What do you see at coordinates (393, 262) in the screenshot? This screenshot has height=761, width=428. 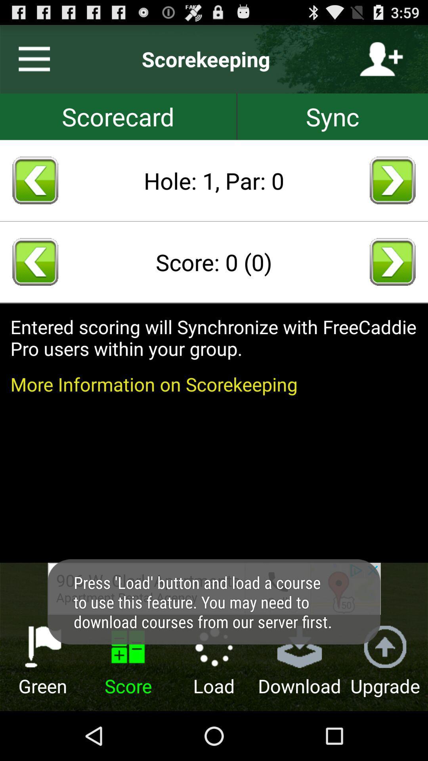 I see `the right arrow next to score 0 0` at bounding box center [393, 262].